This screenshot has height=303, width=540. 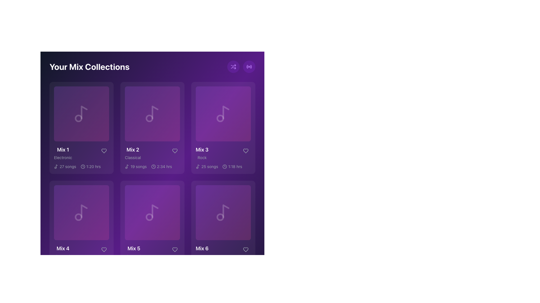 I want to click on the heart-shaped icon within the 'Mix 2' card in the 'Classical' category, so click(x=175, y=150).